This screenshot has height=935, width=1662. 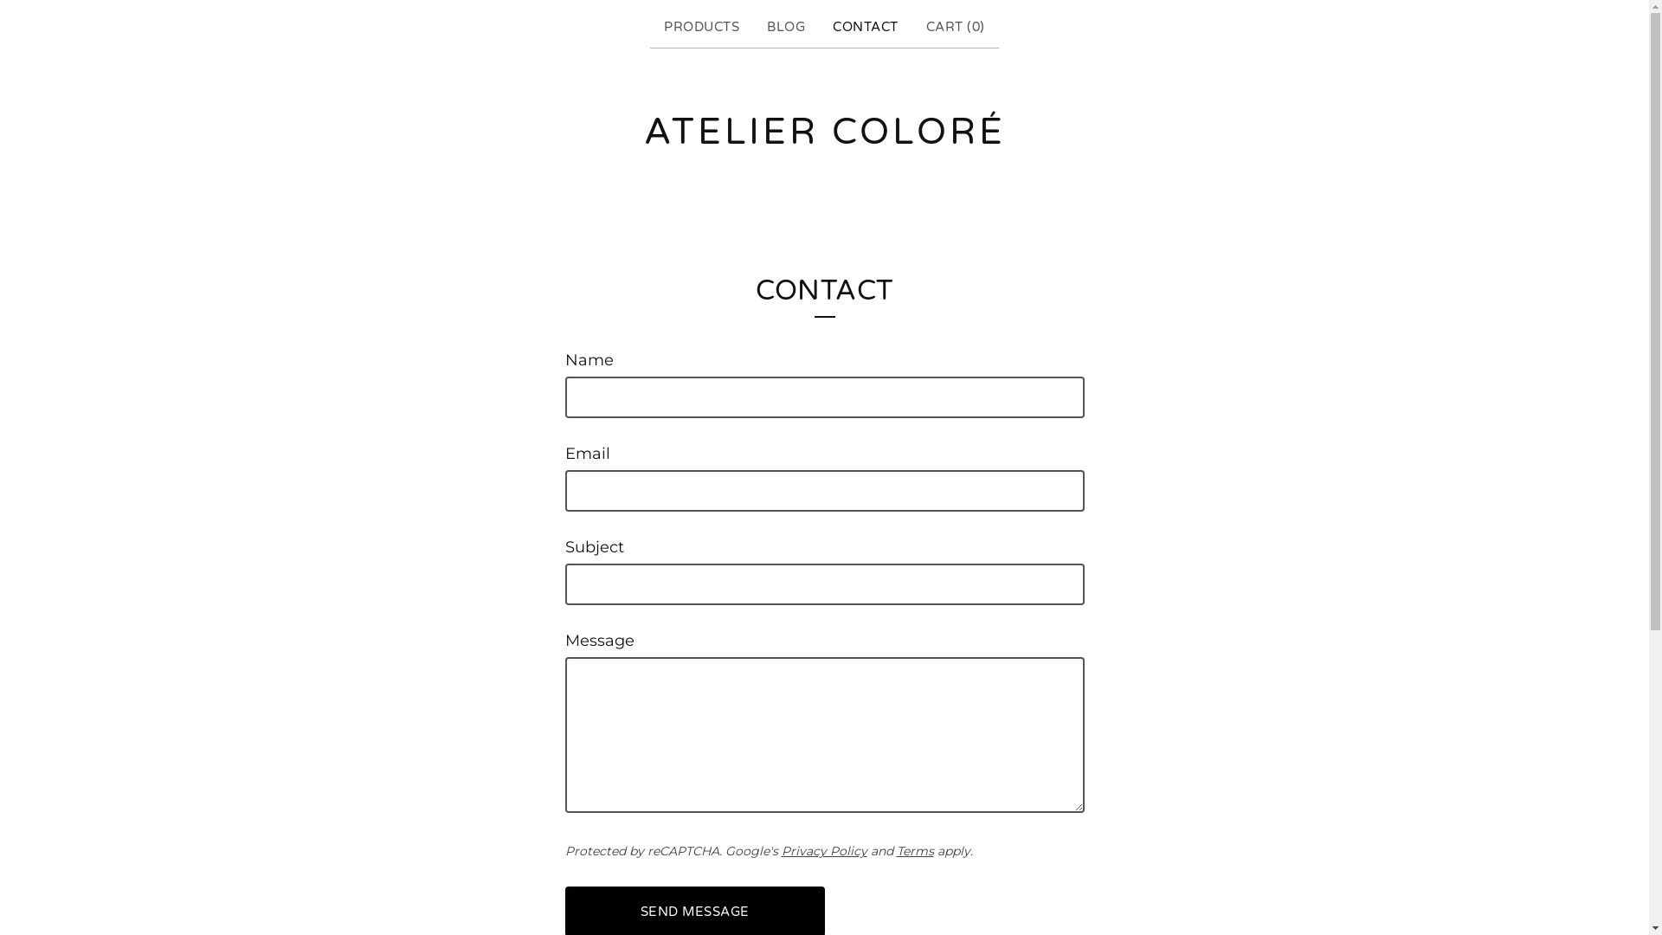 What do you see at coordinates (784, 27) in the screenshot?
I see `'BLOG'` at bounding box center [784, 27].